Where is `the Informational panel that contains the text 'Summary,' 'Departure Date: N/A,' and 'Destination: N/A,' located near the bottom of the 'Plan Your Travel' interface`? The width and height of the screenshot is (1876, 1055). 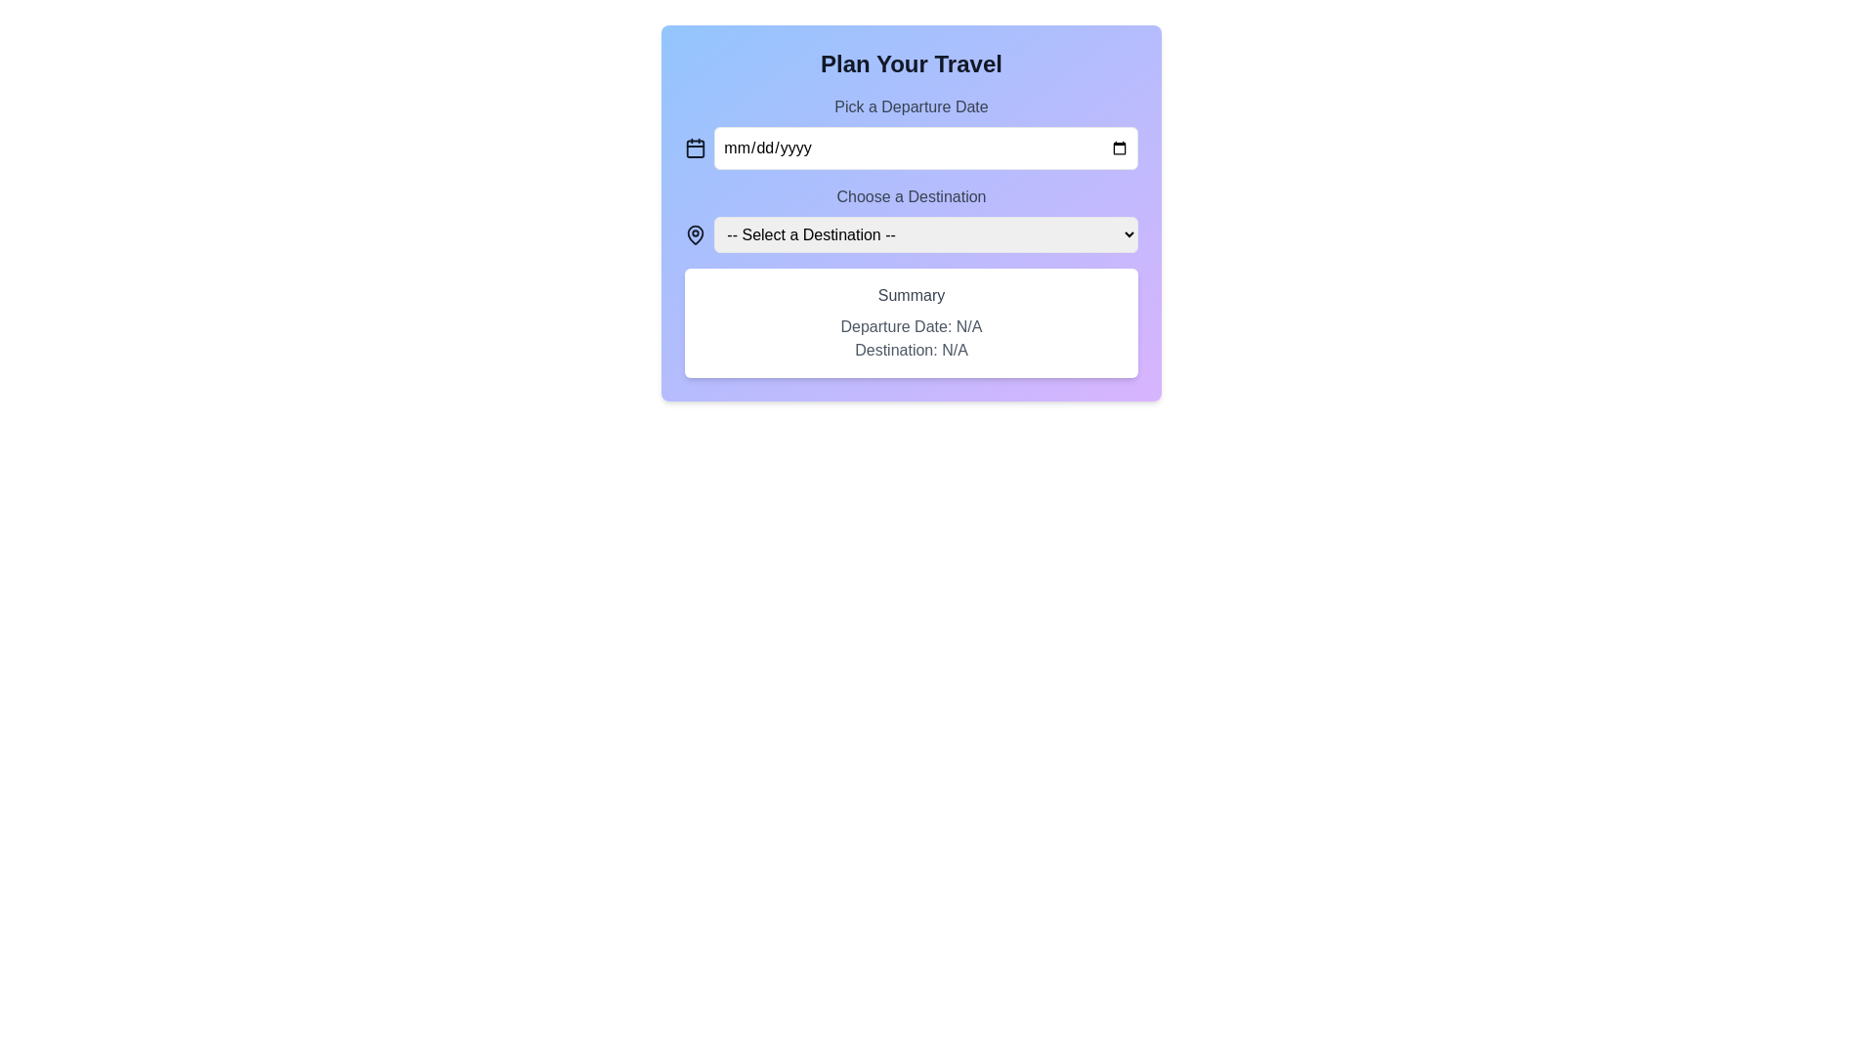
the Informational panel that contains the text 'Summary,' 'Departure Date: N/A,' and 'Destination: N/A,' located near the bottom of the 'Plan Your Travel' interface is located at coordinates (910, 322).